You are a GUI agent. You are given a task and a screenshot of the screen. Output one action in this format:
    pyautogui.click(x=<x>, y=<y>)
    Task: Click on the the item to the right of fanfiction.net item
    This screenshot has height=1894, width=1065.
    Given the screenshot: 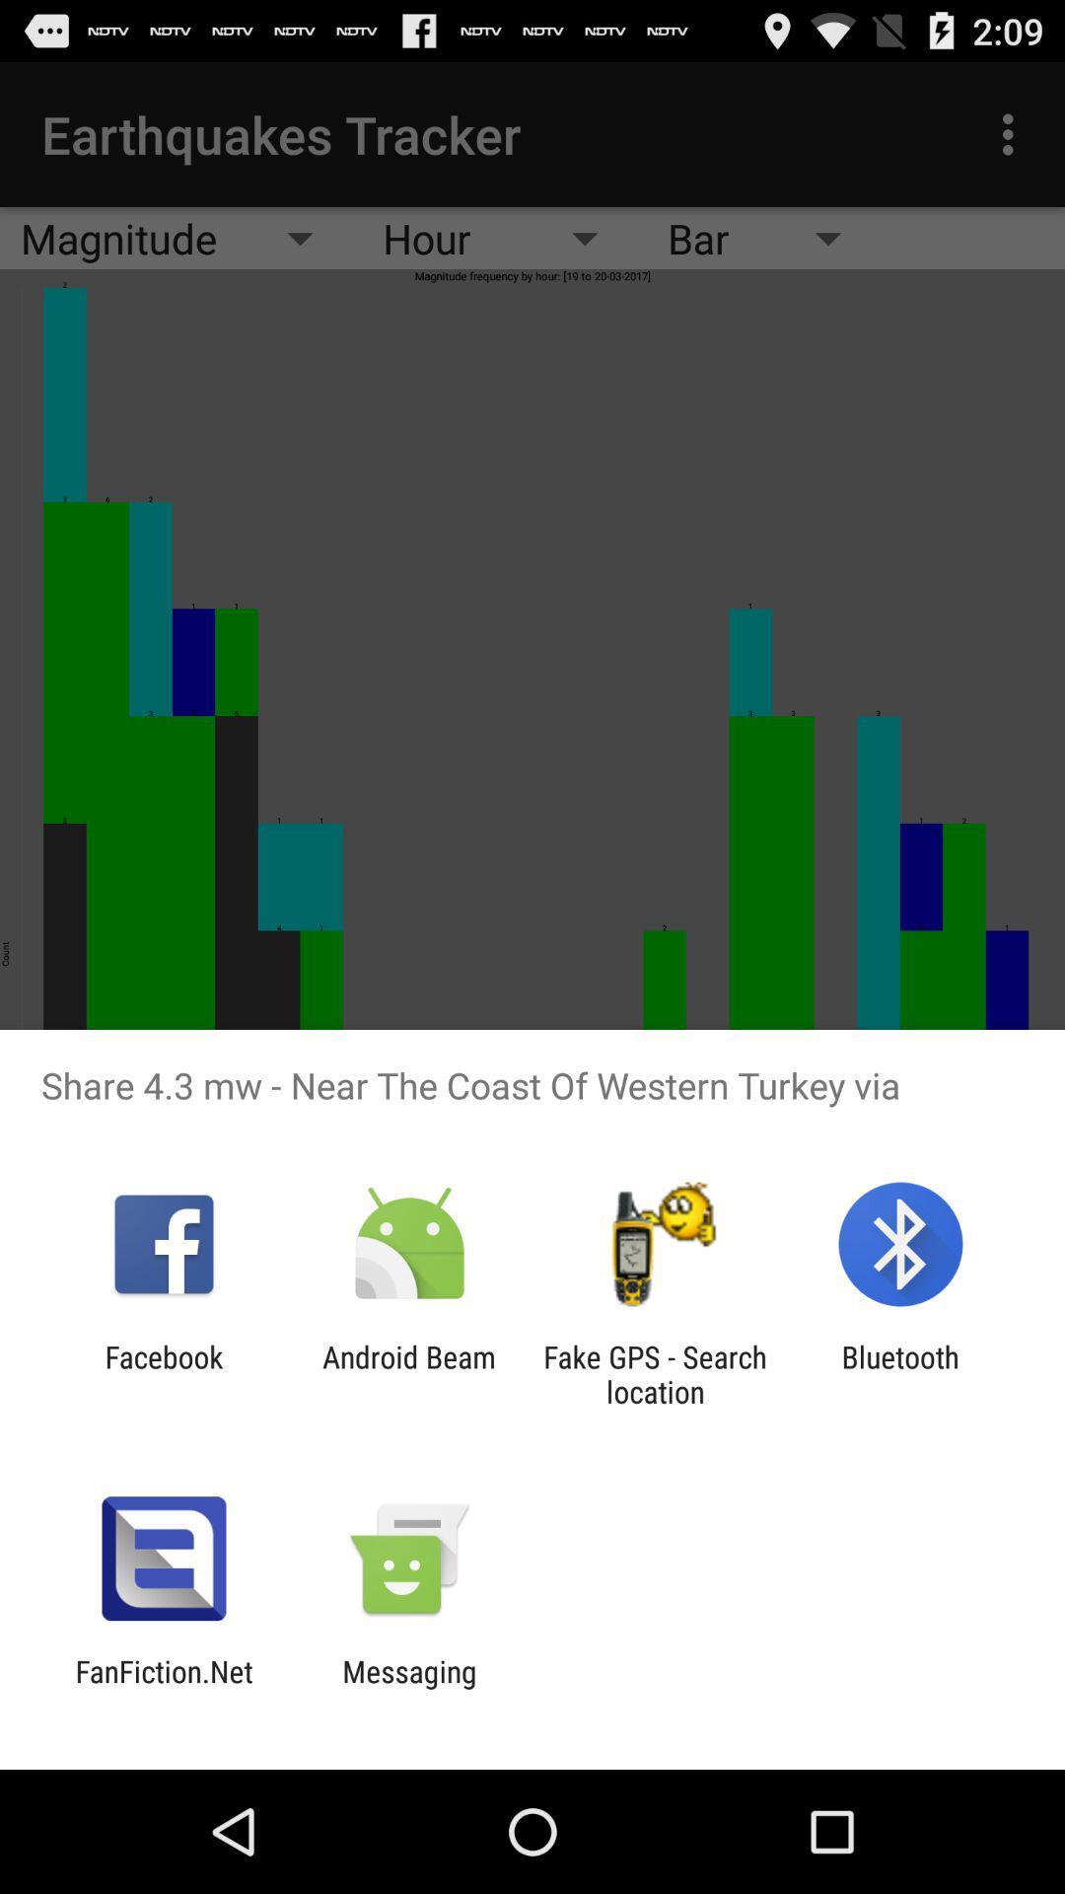 What is the action you would take?
    pyautogui.click(x=408, y=1688)
    